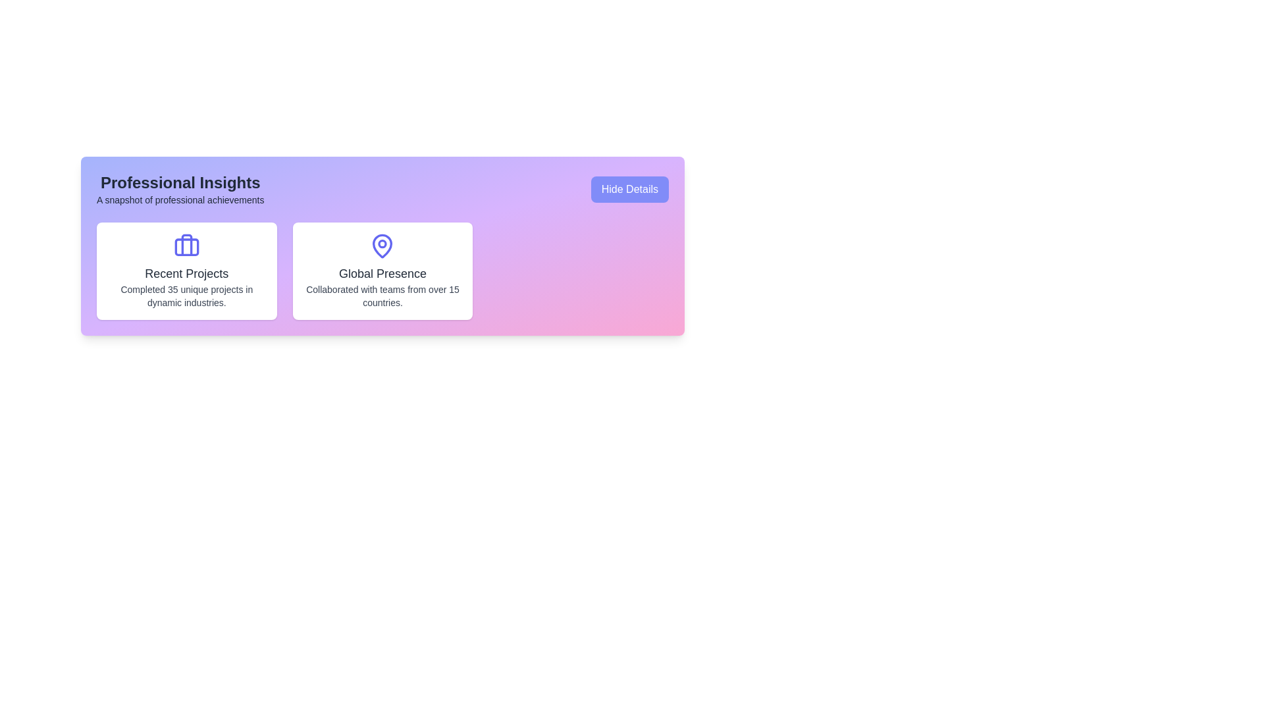 This screenshot has width=1264, height=711. Describe the element at coordinates (382, 273) in the screenshot. I see `on the 'Global Presence' text label, which is styled in a medium-sized clean sans-serif font and located centrally within a white card element on the right side of the interface` at that location.